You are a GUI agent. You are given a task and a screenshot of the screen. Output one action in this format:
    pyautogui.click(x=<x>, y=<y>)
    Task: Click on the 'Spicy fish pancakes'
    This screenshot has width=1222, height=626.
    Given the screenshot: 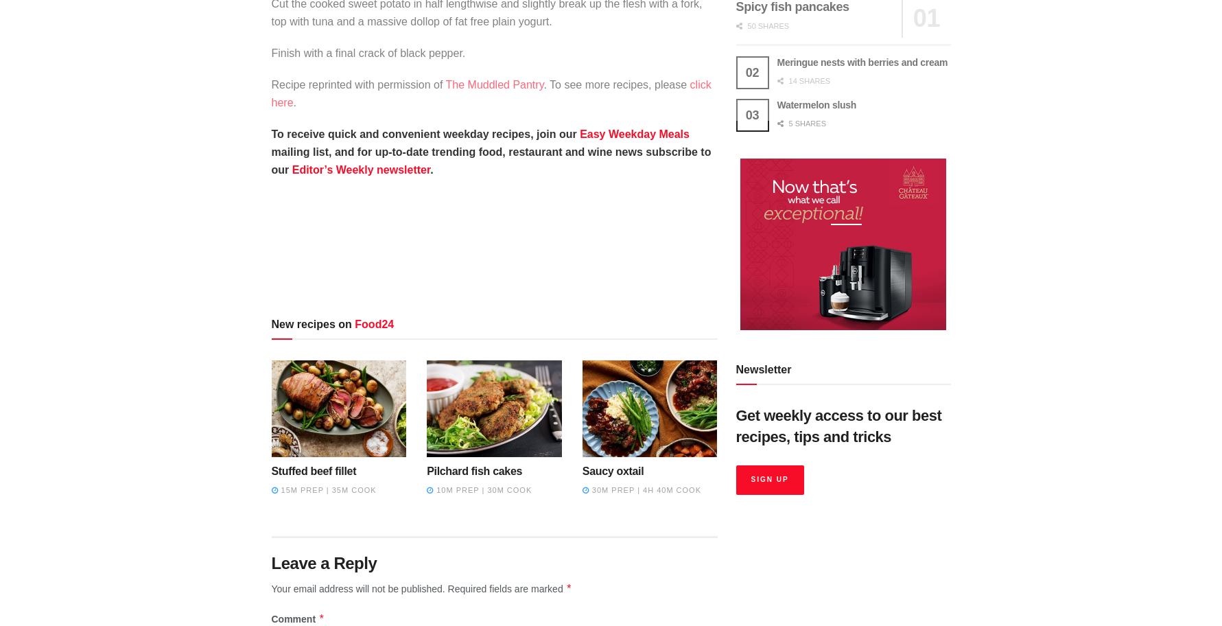 What is the action you would take?
    pyautogui.click(x=792, y=7)
    